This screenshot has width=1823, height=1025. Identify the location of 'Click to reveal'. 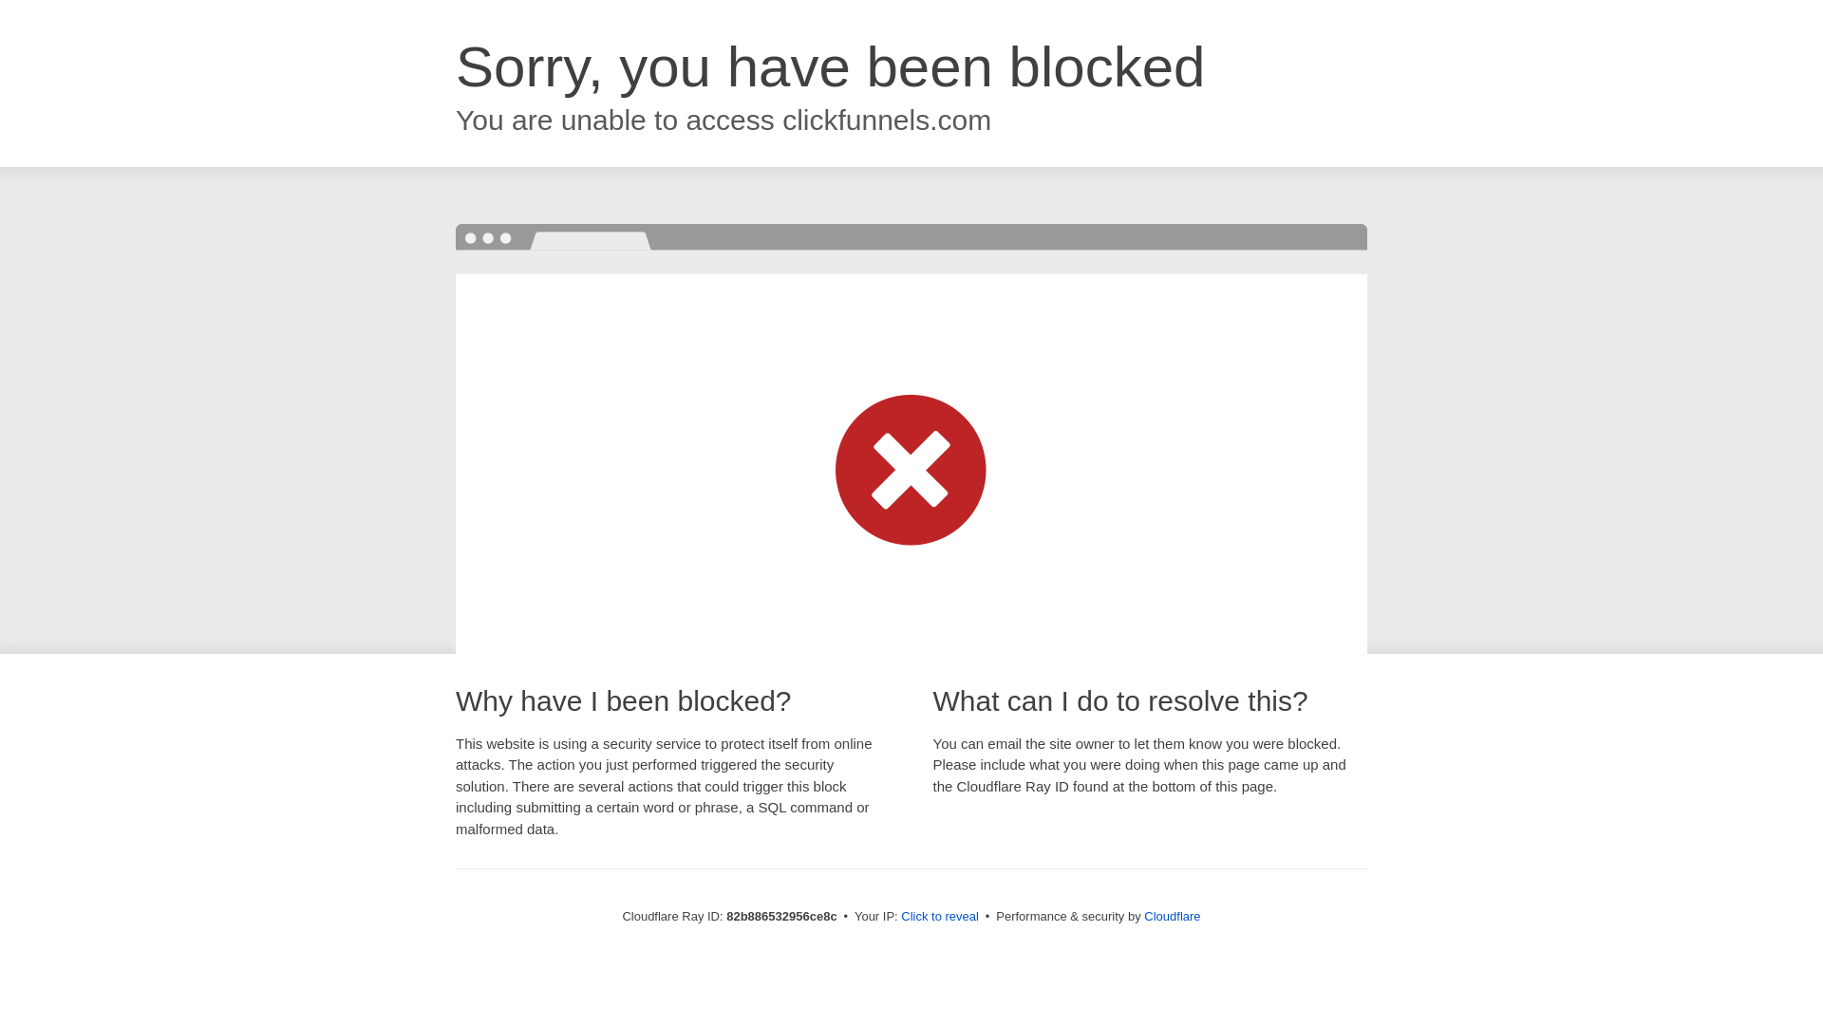
(939, 915).